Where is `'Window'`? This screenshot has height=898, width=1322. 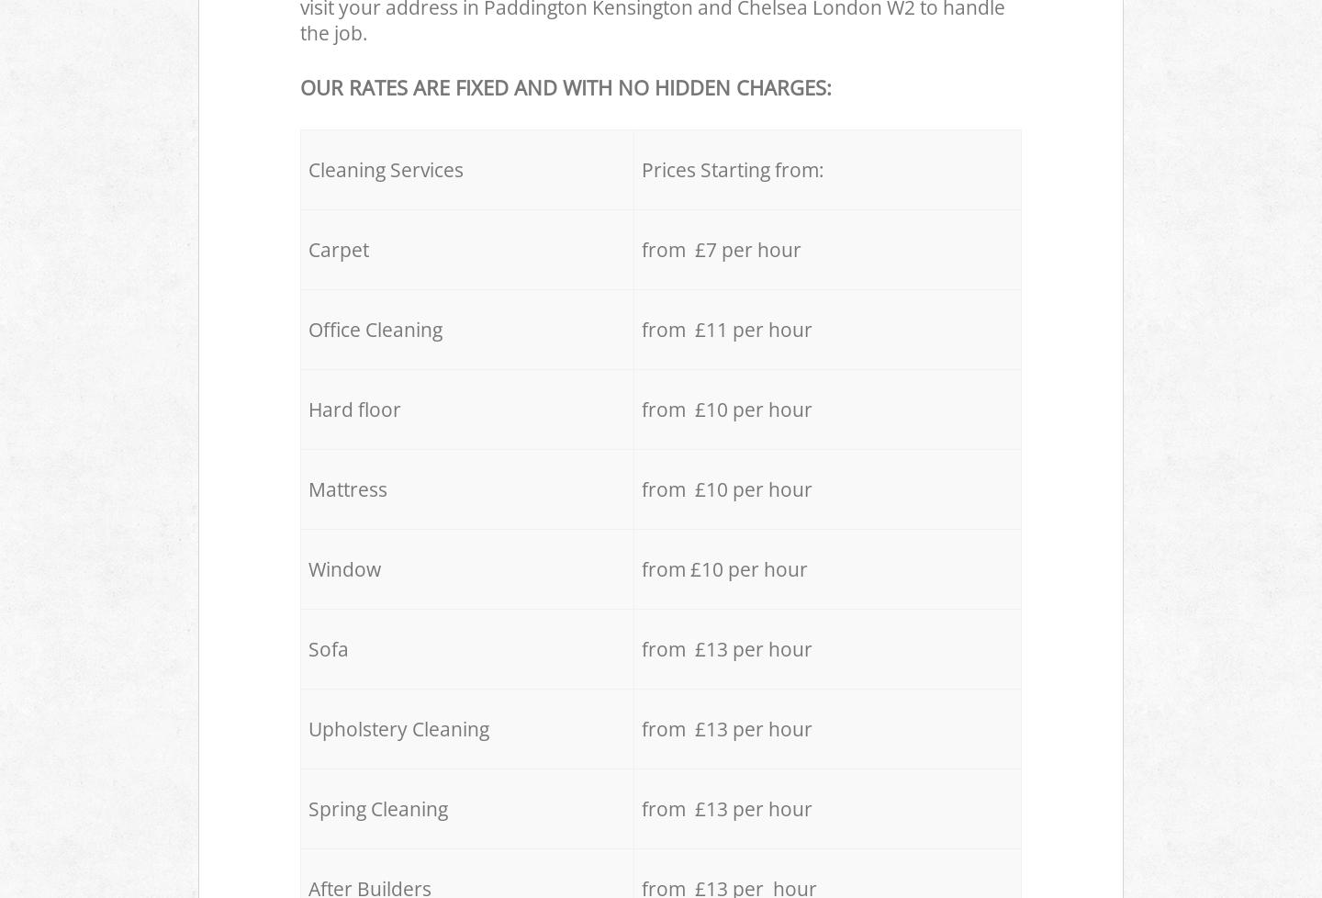
'Window' is located at coordinates (343, 567).